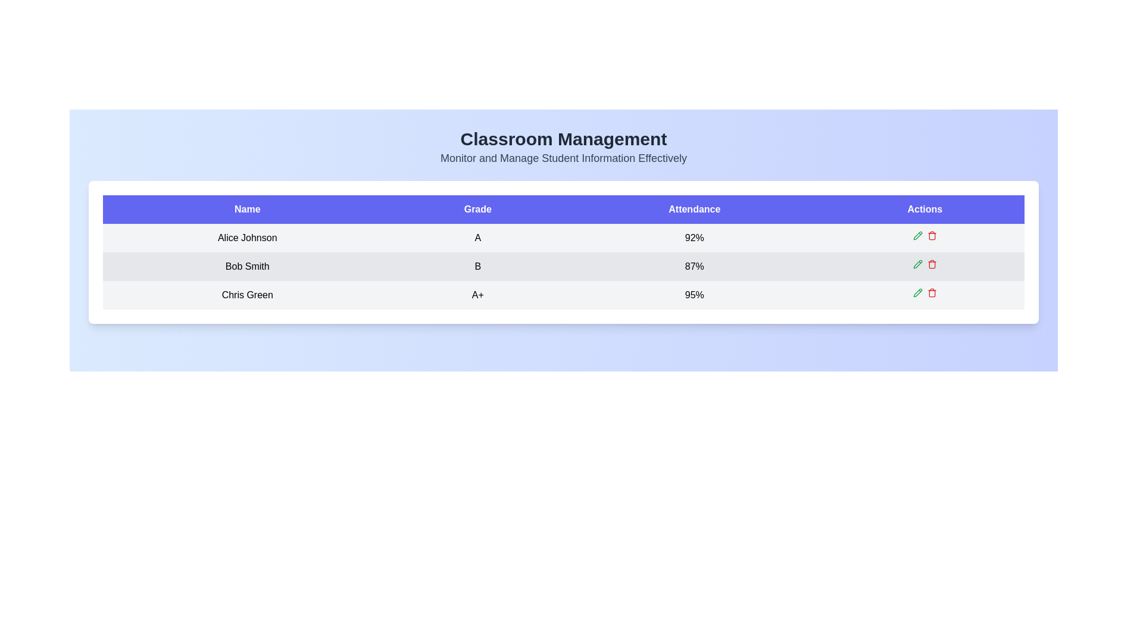 The image size is (1143, 643). Describe the element at coordinates (931, 236) in the screenshot. I see `the delete button located in the rightmost column of the table under the 'Actions' header, which is the second icon in the first row` at that location.